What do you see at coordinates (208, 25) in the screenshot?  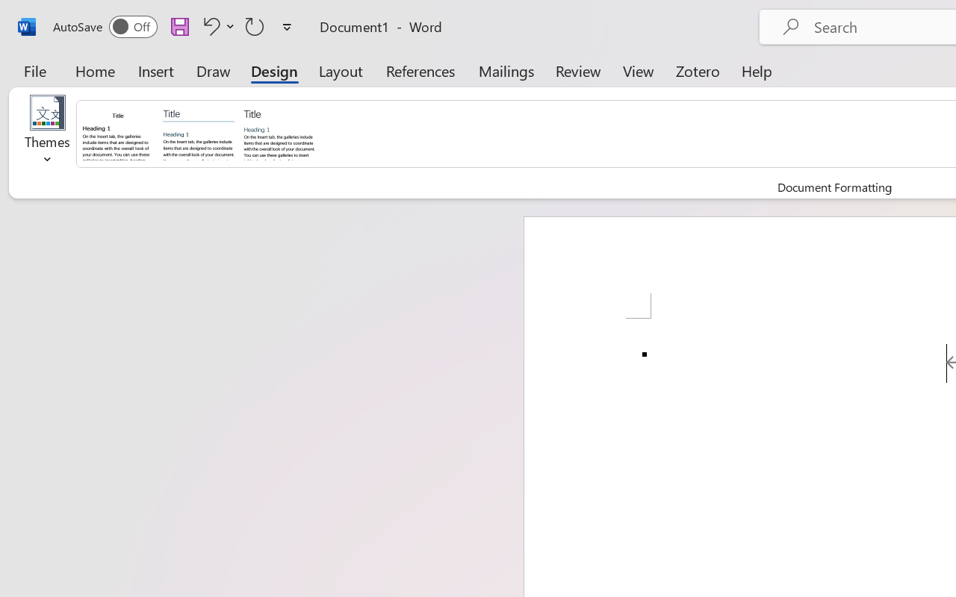 I see `'Undo Apply Quick Style Set'` at bounding box center [208, 25].